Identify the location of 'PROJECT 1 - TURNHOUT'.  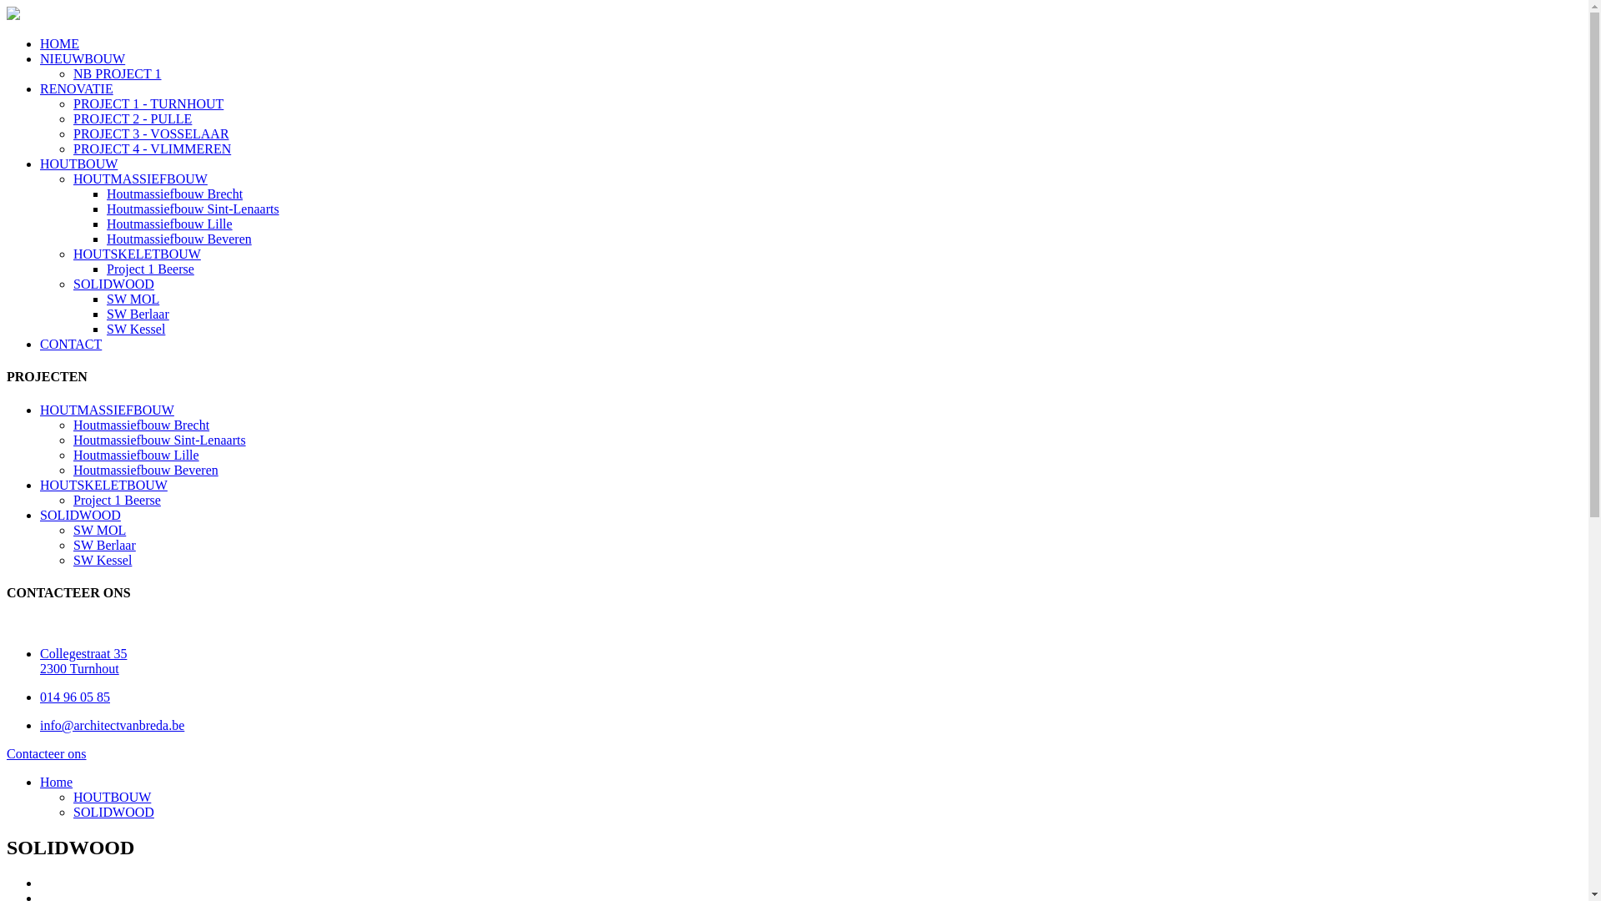
(72, 103).